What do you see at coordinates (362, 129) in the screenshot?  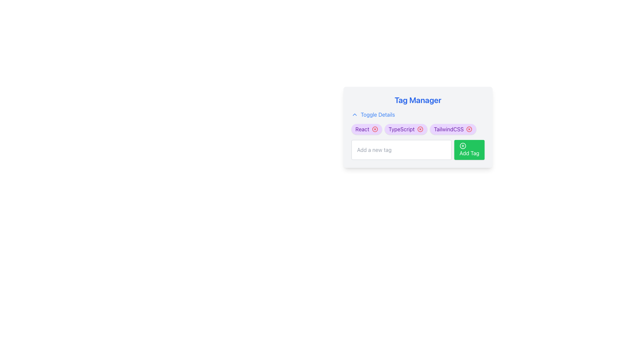 I see `the 'React' tag, which is the first element in the Tag Manager list` at bounding box center [362, 129].